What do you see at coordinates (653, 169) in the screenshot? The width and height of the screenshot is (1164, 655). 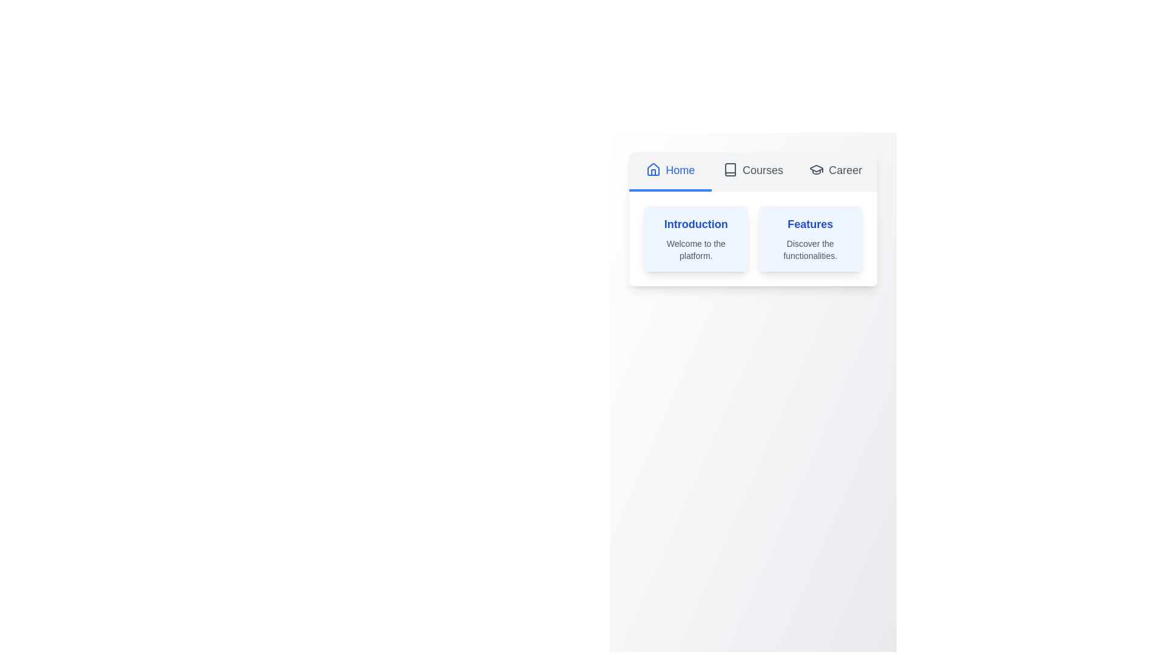 I see `the house icon representing the 'Home' section` at bounding box center [653, 169].